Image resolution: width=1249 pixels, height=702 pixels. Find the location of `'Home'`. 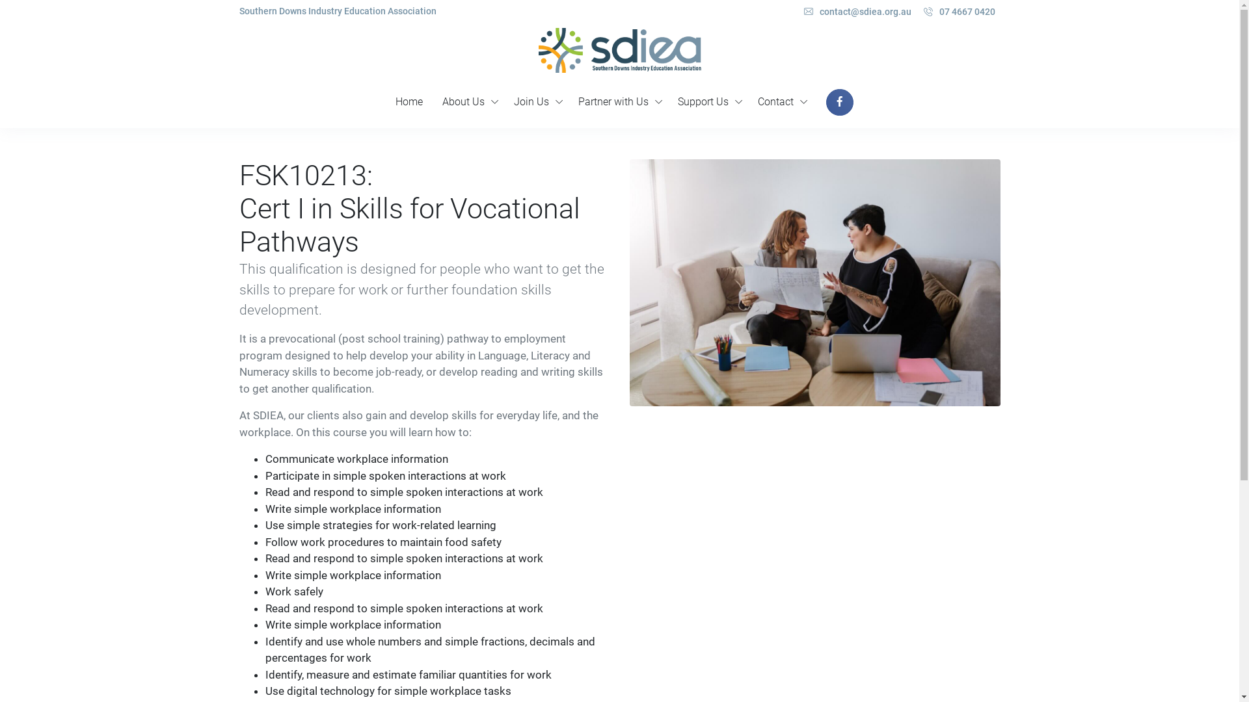

'Home' is located at coordinates (385, 101).